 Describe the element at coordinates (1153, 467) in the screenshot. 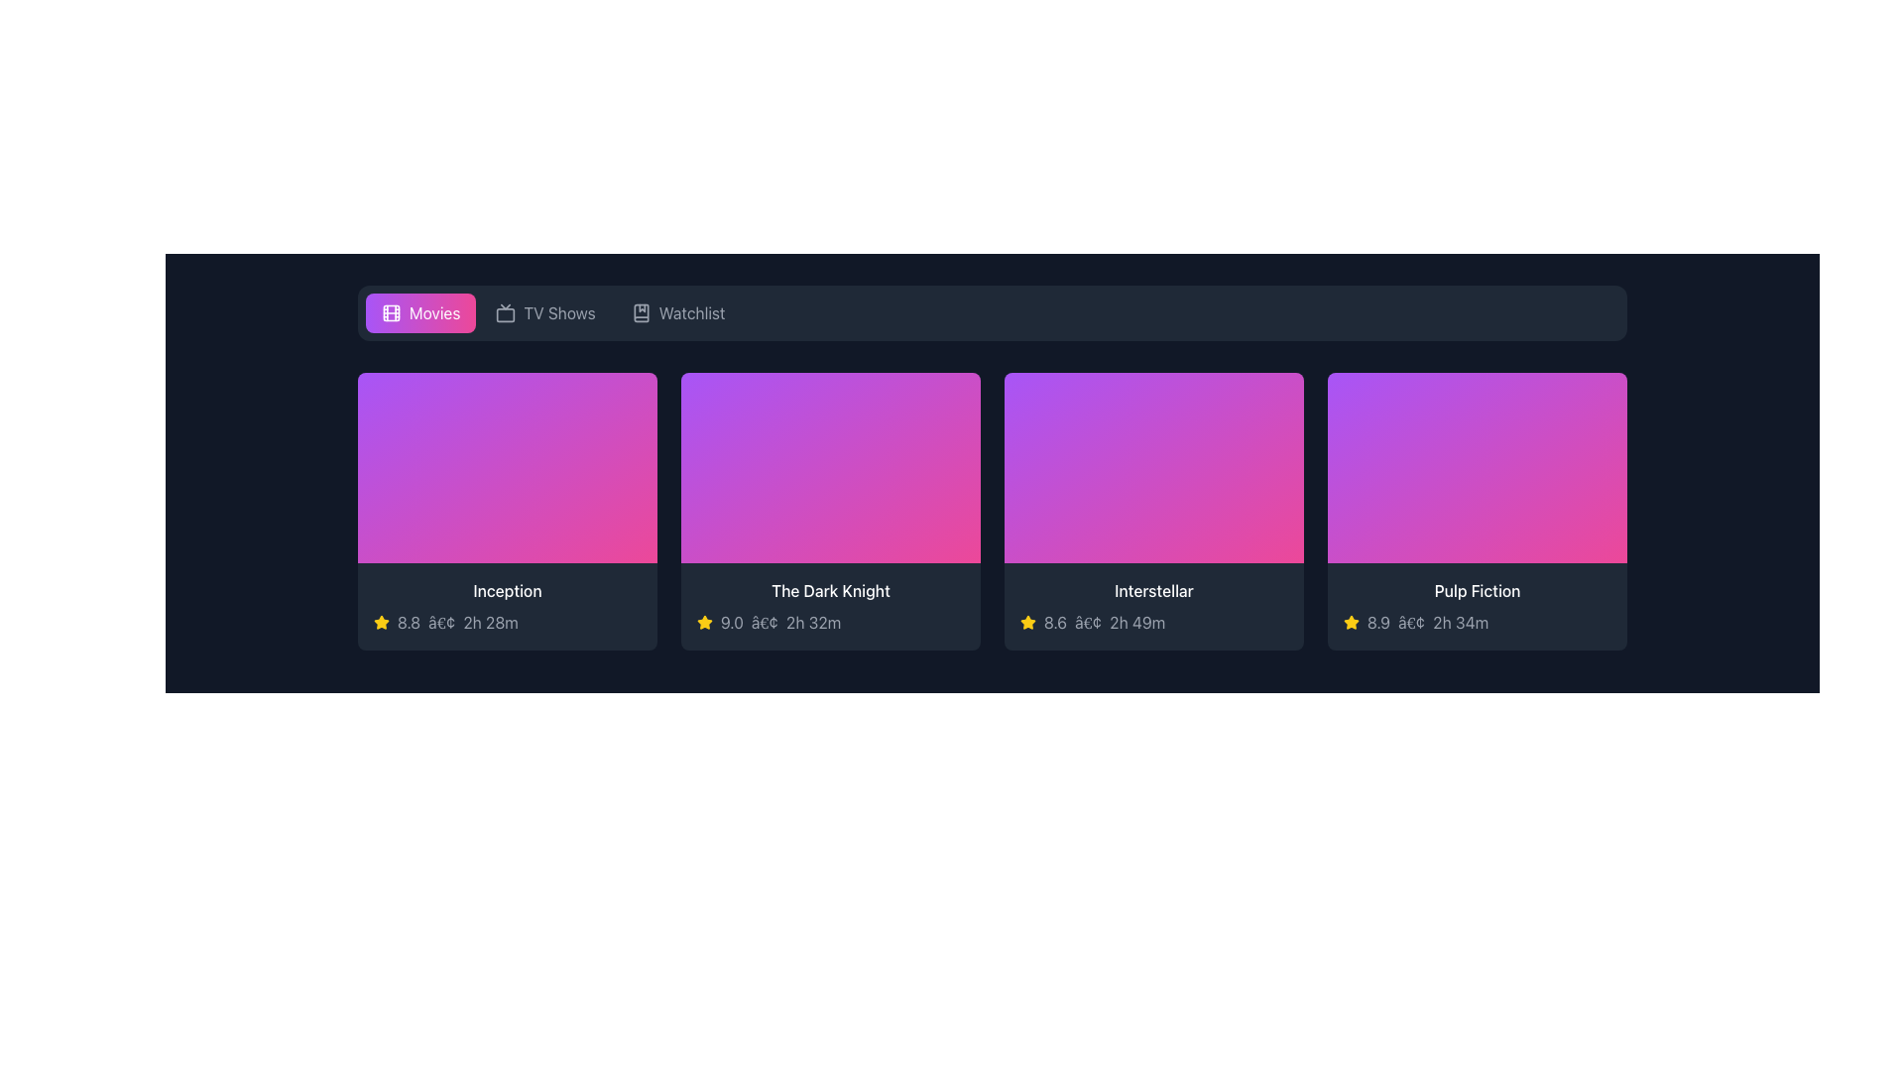

I see `the gradient background section of the card labeled 'Interstellar', which is the third card from the left in a horizontal row` at that location.